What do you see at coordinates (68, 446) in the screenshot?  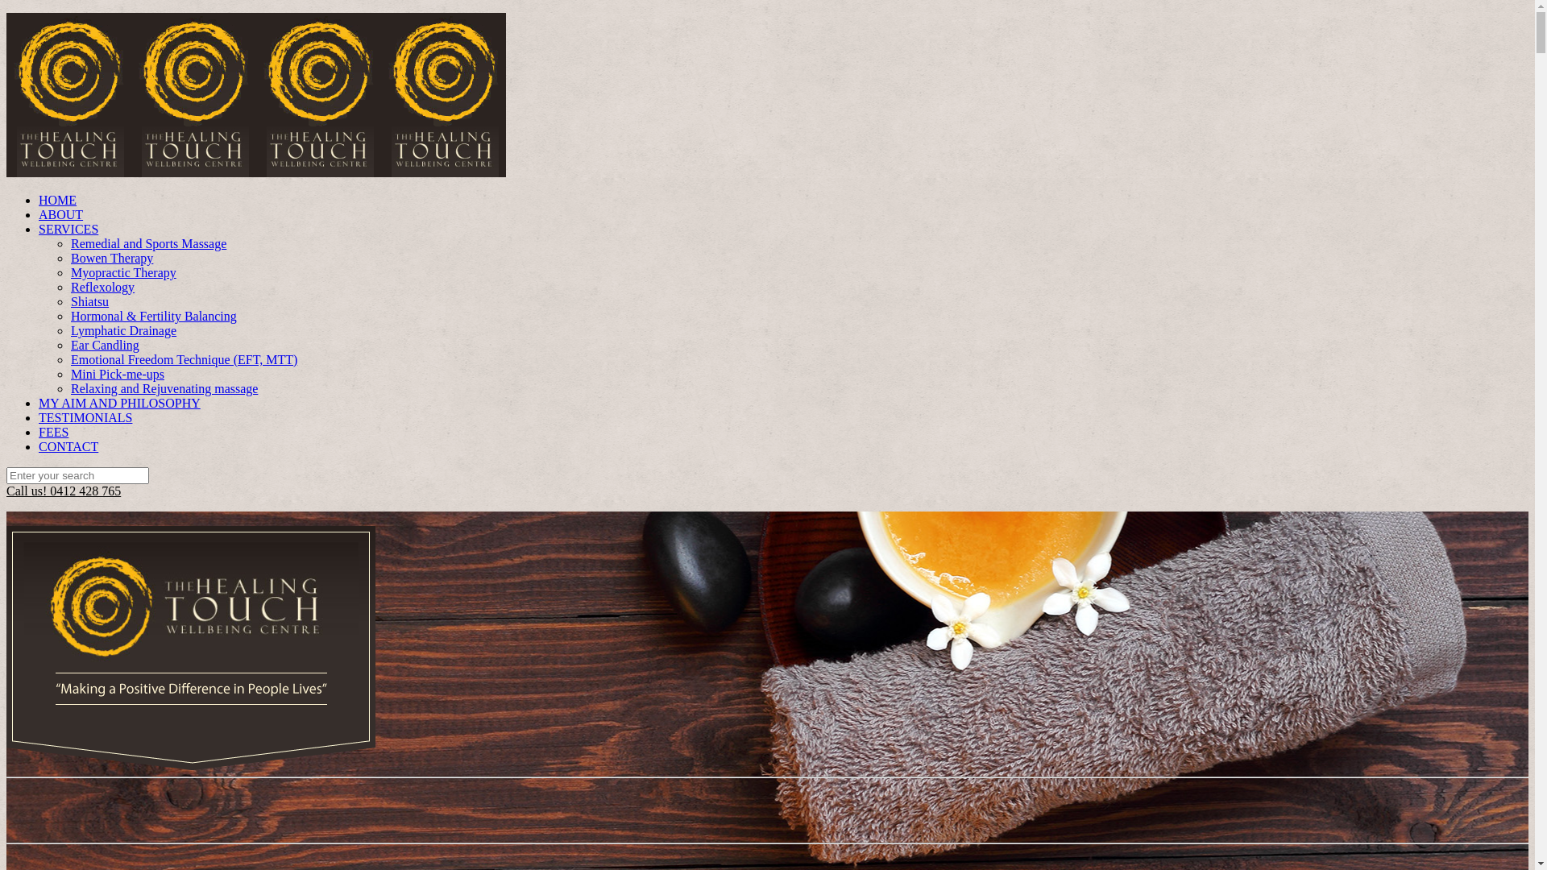 I see `'CONTACT'` at bounding box center [68, 446].